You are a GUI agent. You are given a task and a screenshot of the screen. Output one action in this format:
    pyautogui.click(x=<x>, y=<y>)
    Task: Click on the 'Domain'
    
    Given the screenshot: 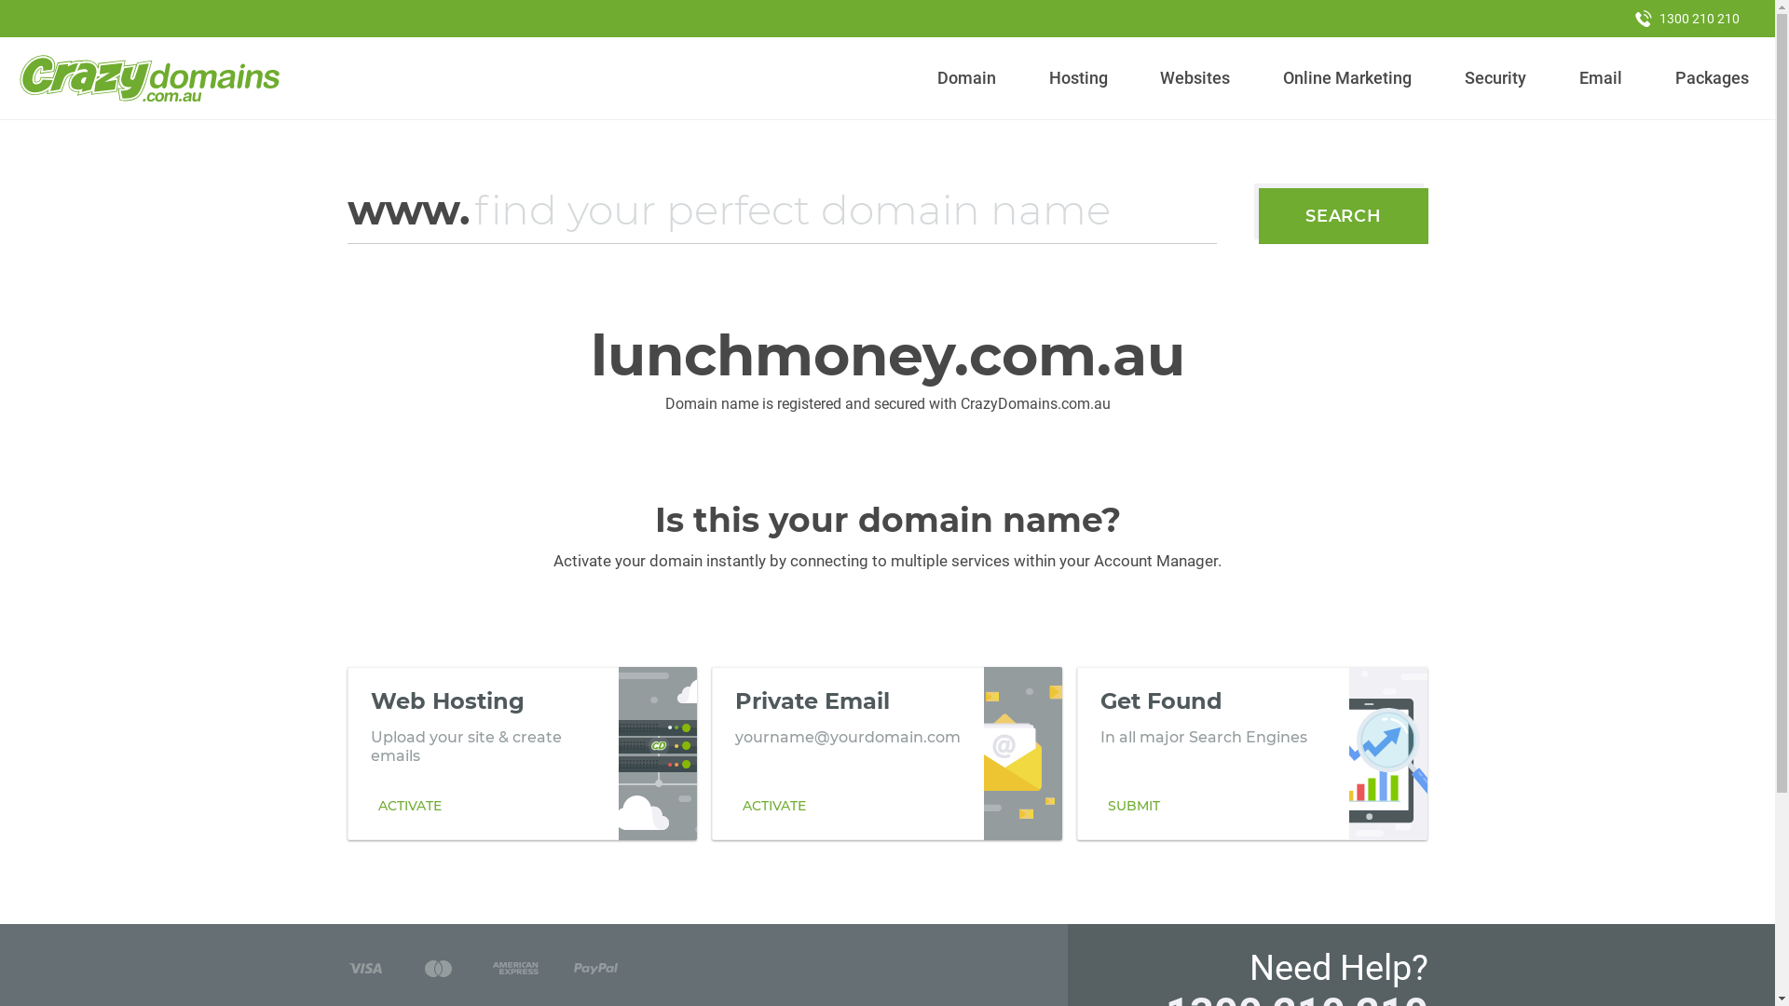 What is the action you would take?
    pyautogui.click(x=966, y=77)
    